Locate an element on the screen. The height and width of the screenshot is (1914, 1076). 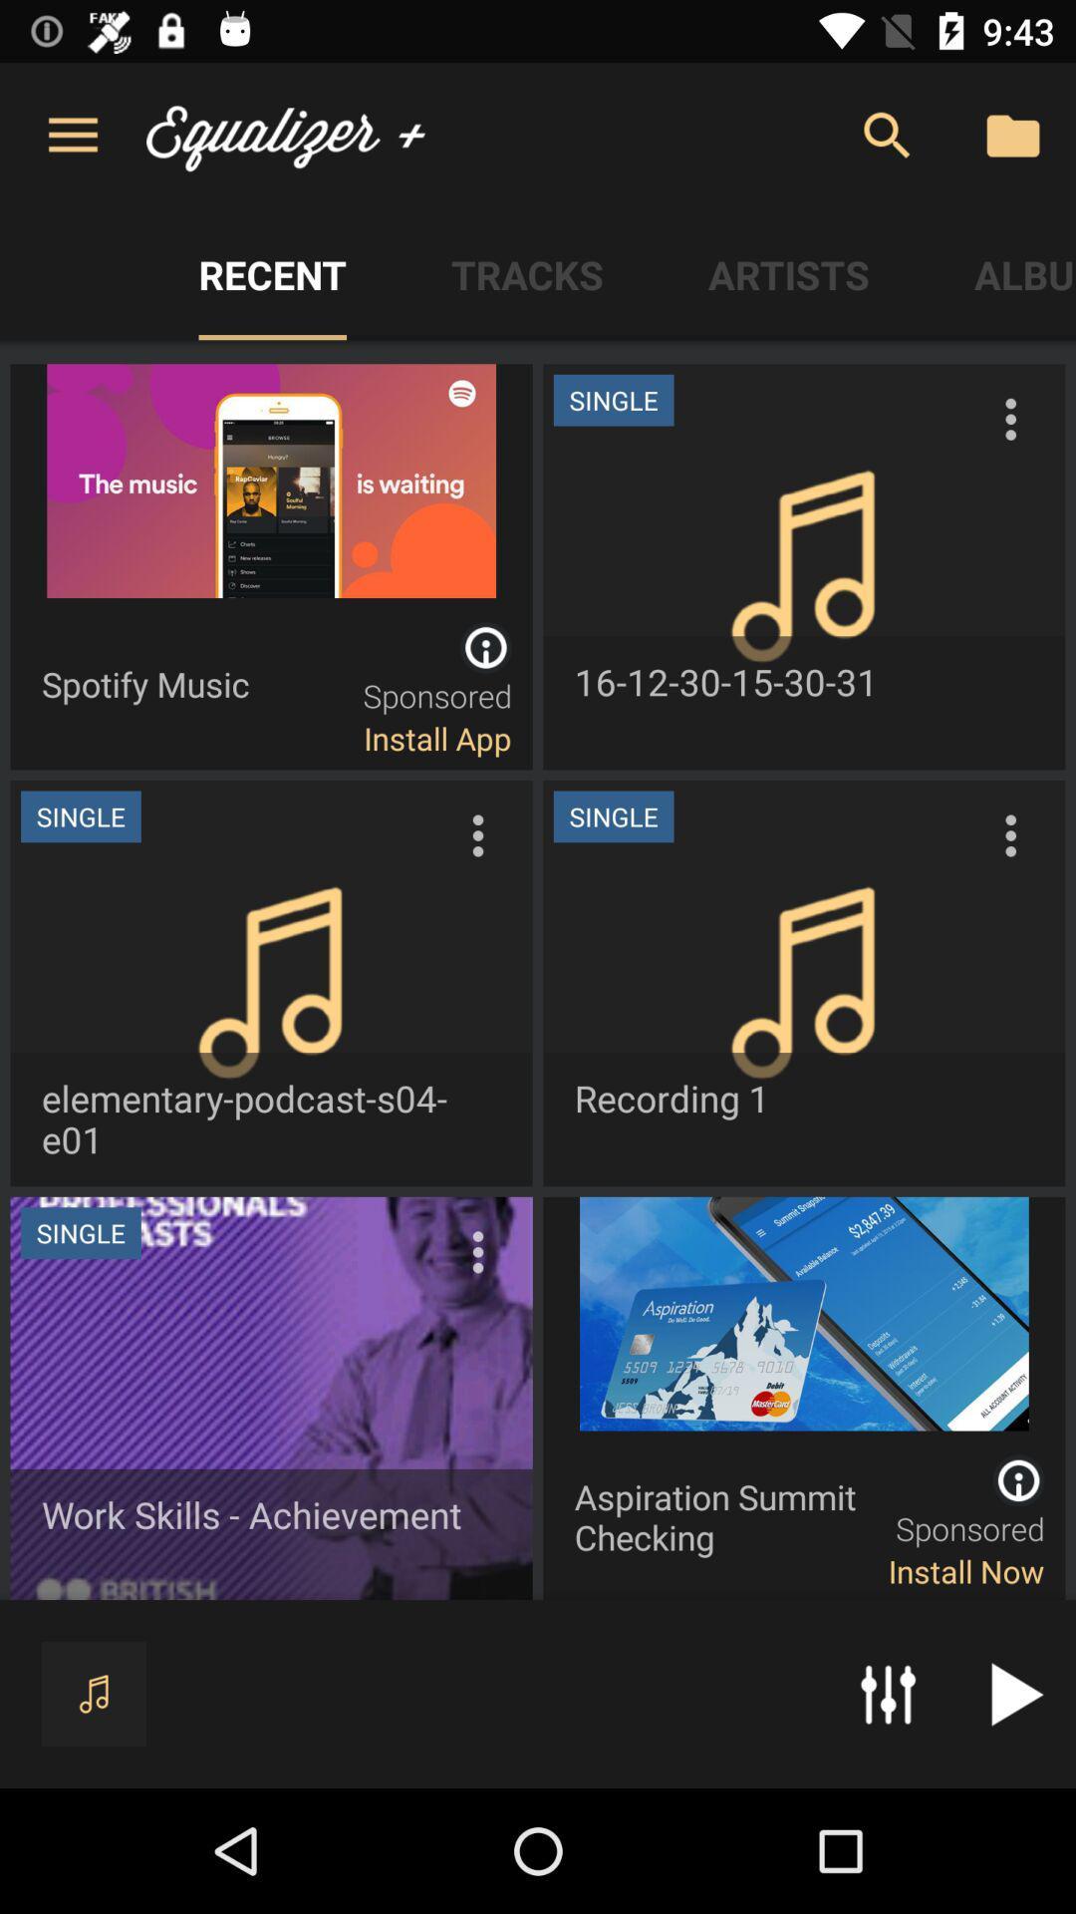
recording 1 is located at coordinates (803, 983).